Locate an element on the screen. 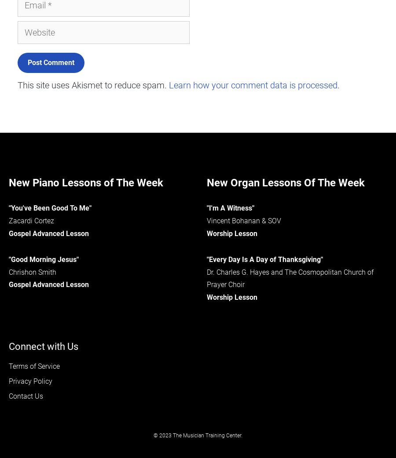 The width and height of the screenshot is (396, 458). 'Learn how your comment data is processed' is located at coordinates (253, 84).